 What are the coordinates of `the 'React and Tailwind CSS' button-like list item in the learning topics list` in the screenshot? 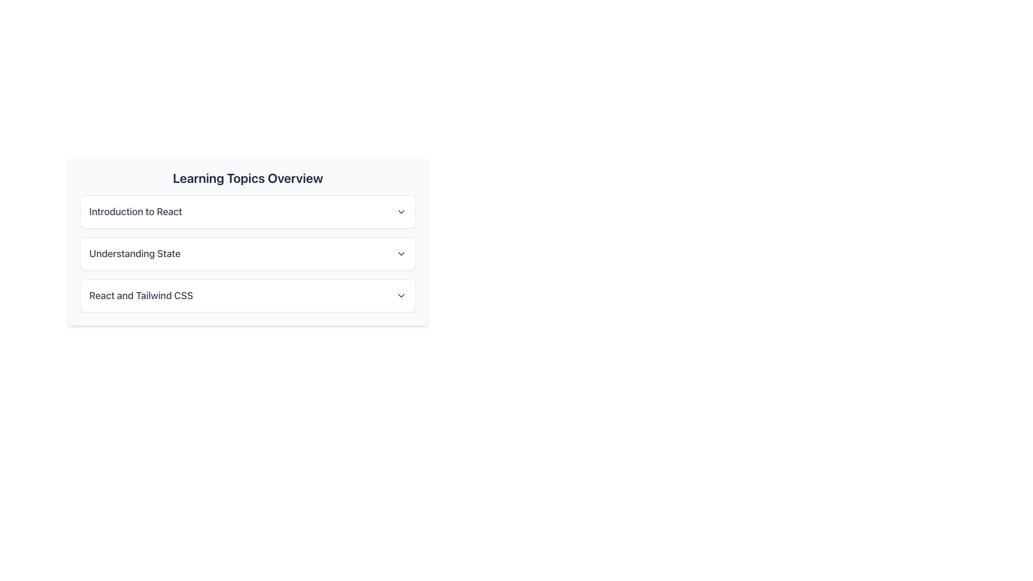 It's located at (247, 296).